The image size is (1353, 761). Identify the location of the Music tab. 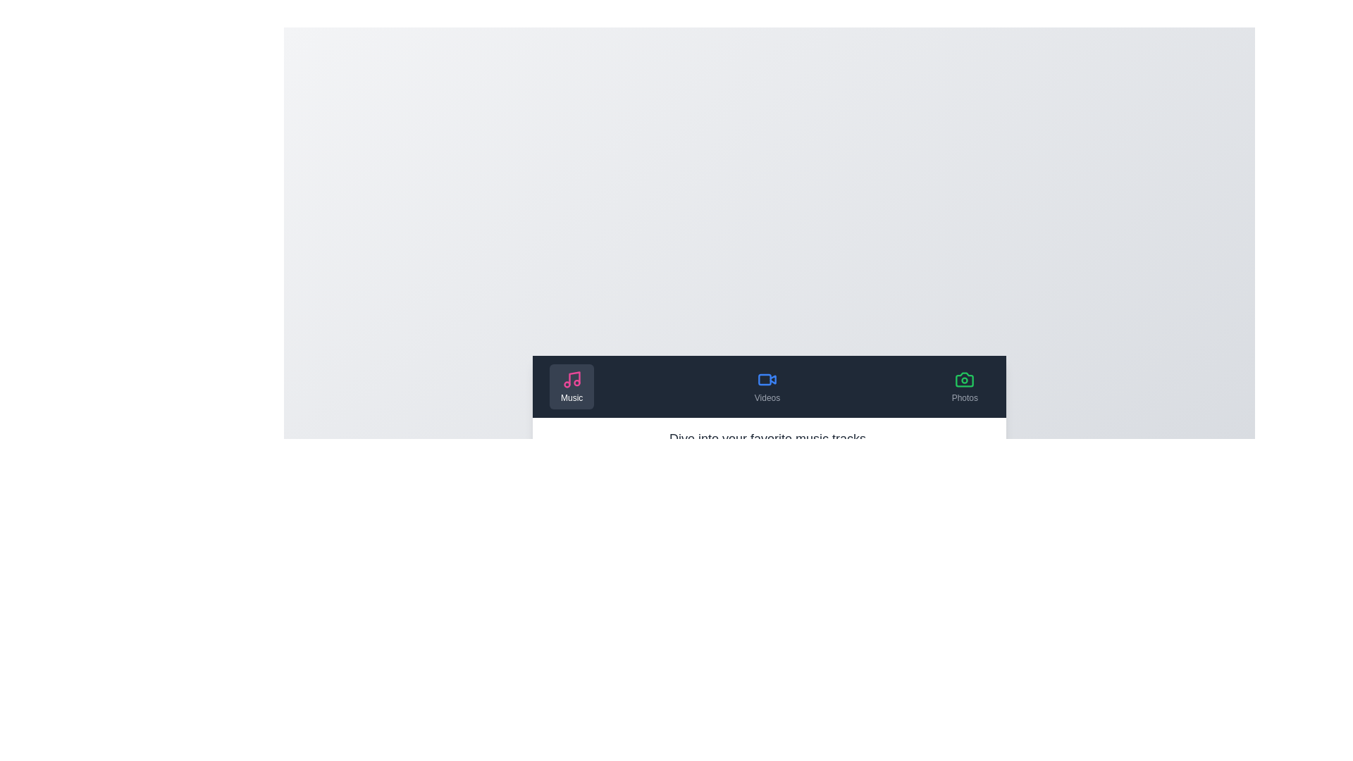
(572, 386).